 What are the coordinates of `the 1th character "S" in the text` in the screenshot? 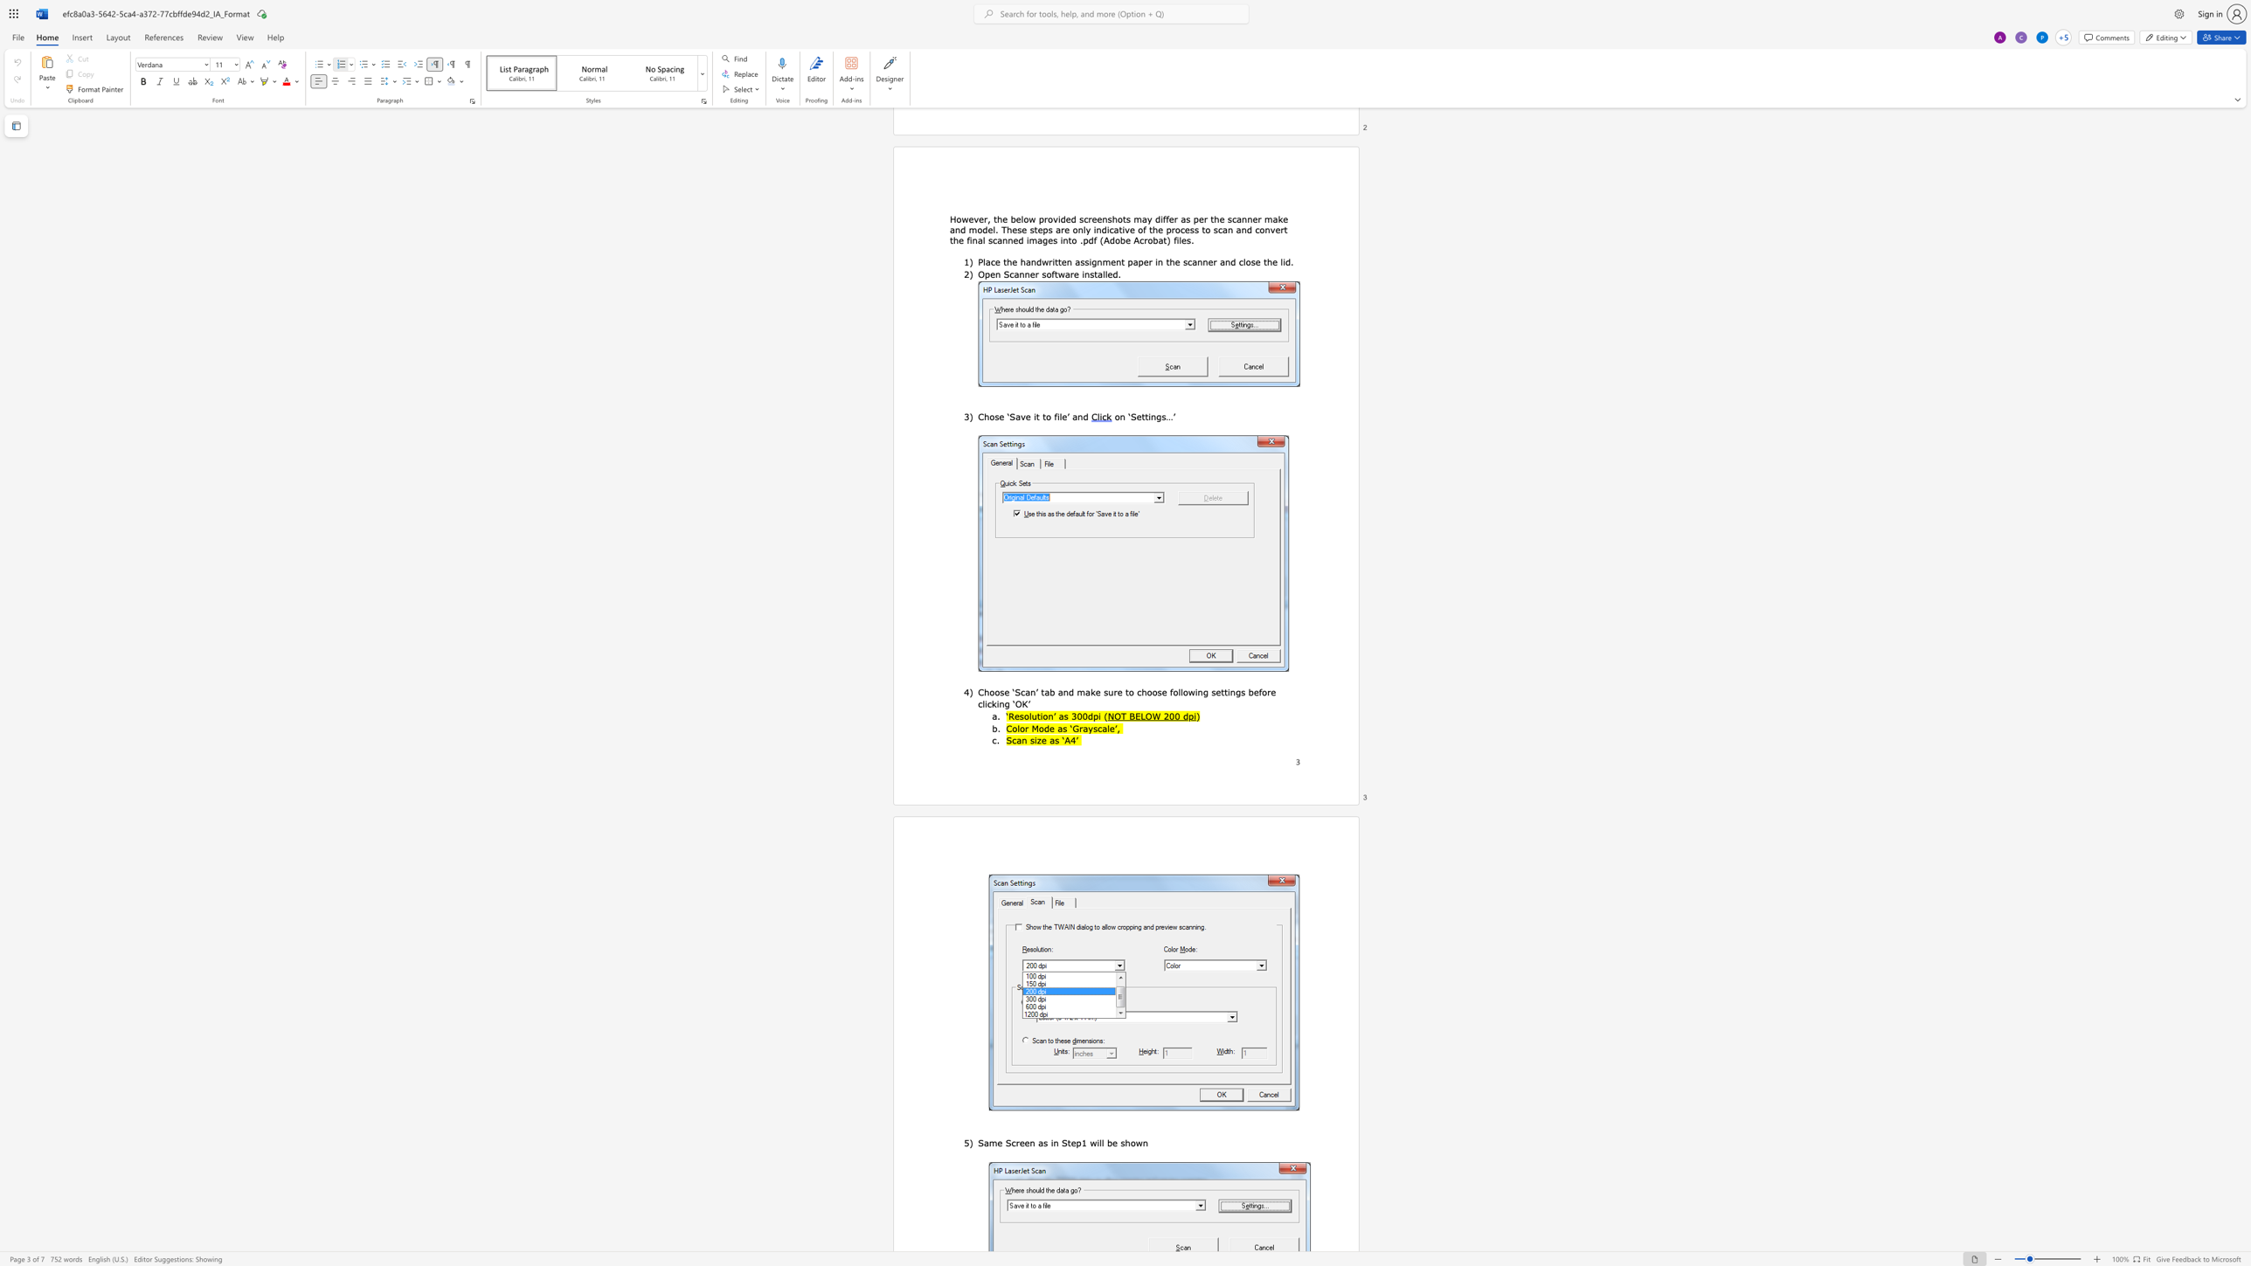 It's located at (1008, 740).